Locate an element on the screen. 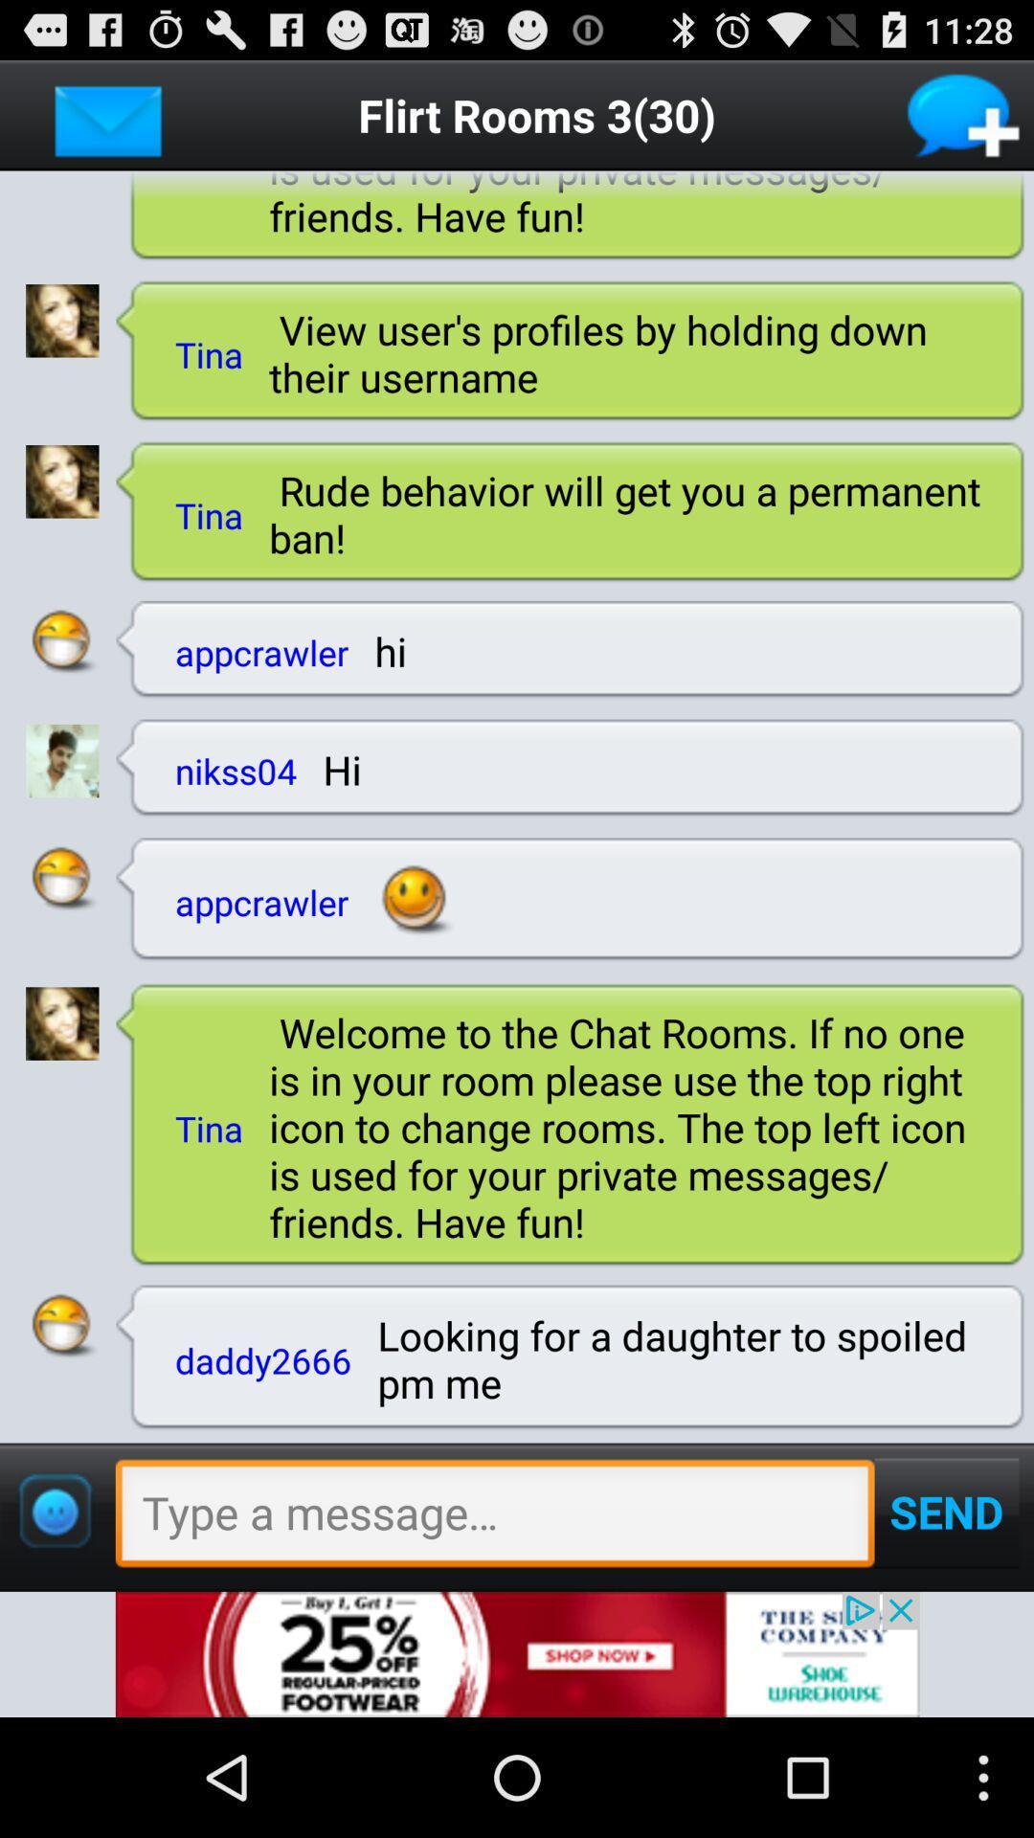  selected emoji is located at coordinates (61, 878).